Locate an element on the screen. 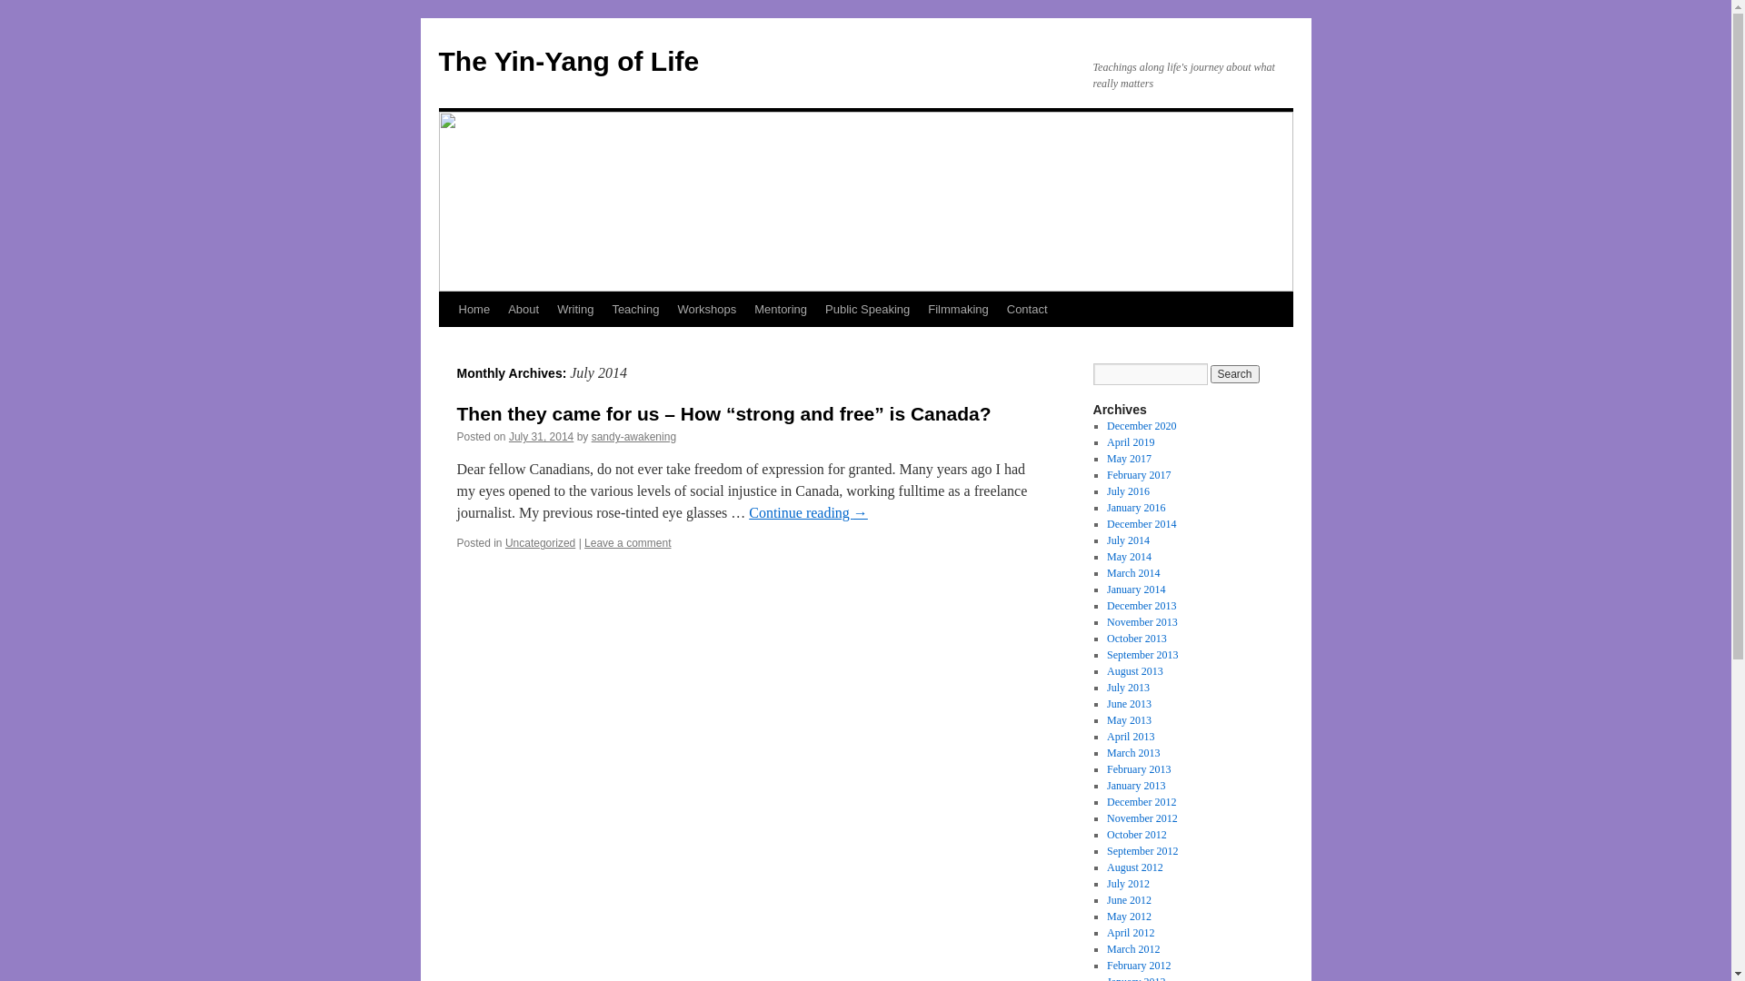 The width and height of the screenshot is (1745, 981). 'November 2012' is located at coordinates (1142, 818).